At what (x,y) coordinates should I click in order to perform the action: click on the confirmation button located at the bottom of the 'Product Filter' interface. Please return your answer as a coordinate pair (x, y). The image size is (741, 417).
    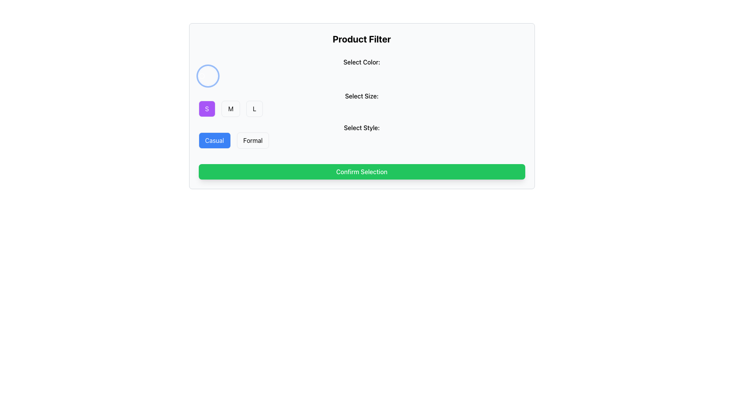
    Looking at the image, I should click on (361, 171).